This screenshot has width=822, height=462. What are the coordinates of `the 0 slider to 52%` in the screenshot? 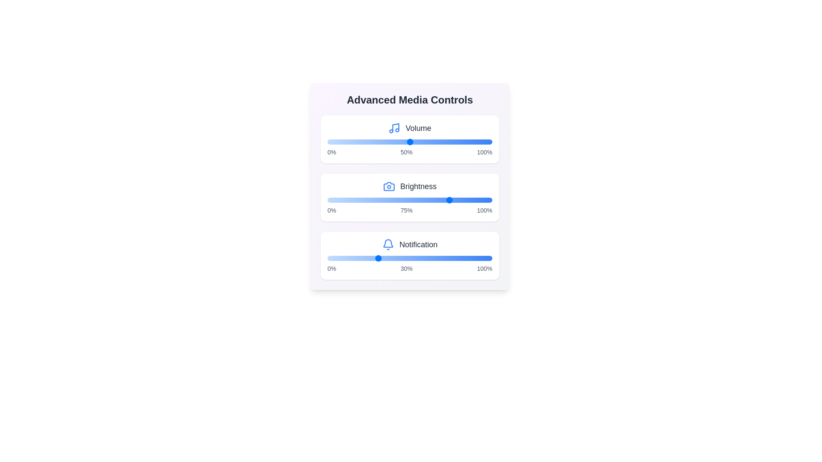 It's located at (413, 141).